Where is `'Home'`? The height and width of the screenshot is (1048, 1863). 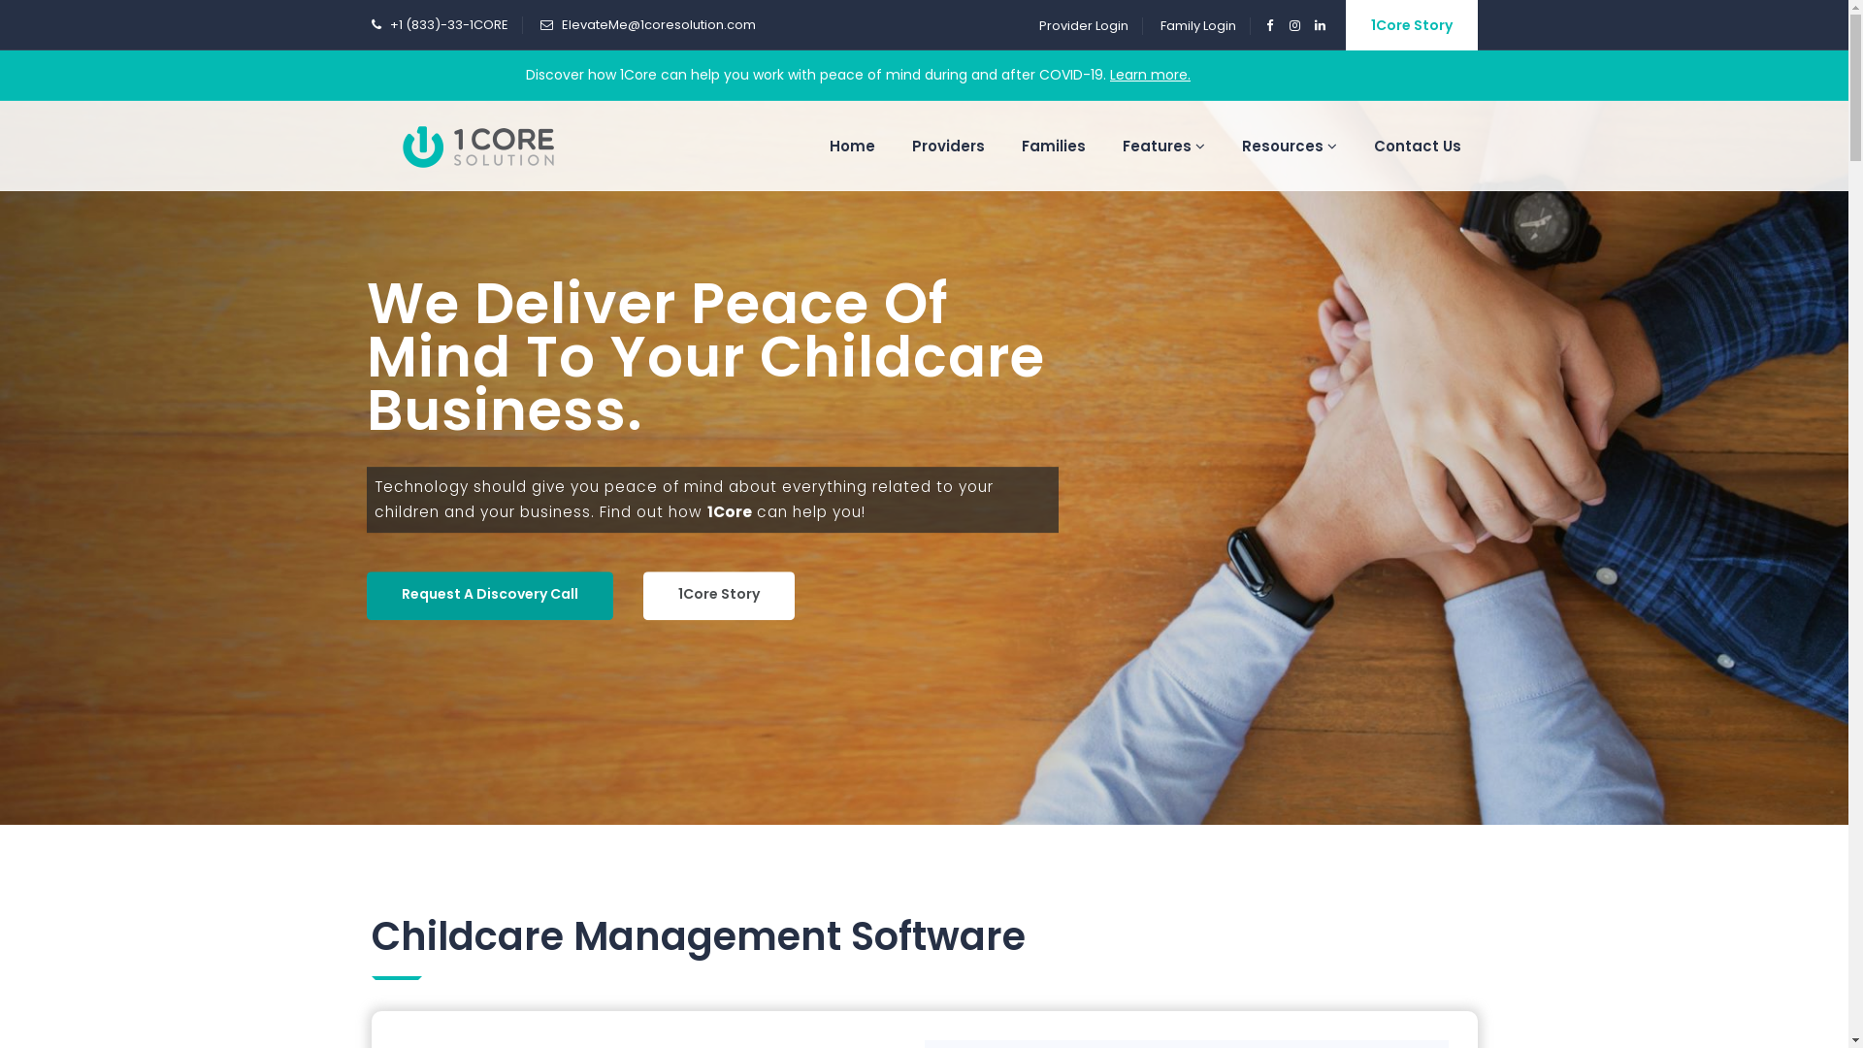 'Home' is located at coordinates (813, 145).